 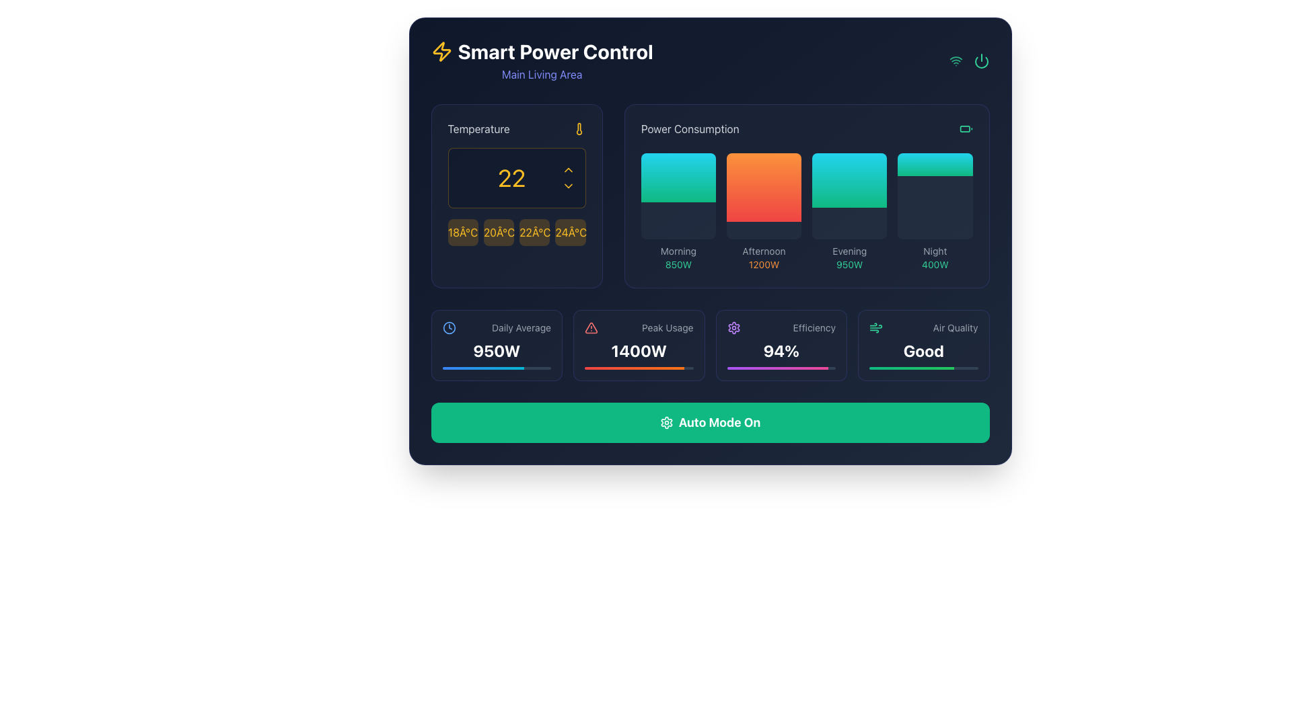 I want to click on the warning icon next to the text label indicating peak usage of power, which is displayed as '1400W', so click(x=638, y=328).